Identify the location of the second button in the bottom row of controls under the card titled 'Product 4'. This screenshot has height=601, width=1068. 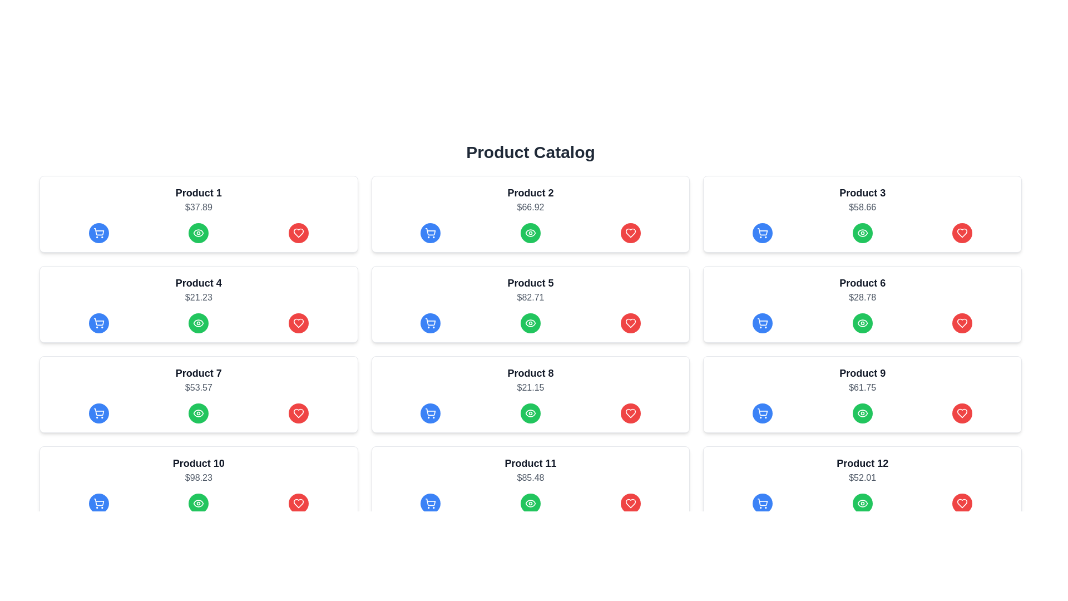
(199, 233).